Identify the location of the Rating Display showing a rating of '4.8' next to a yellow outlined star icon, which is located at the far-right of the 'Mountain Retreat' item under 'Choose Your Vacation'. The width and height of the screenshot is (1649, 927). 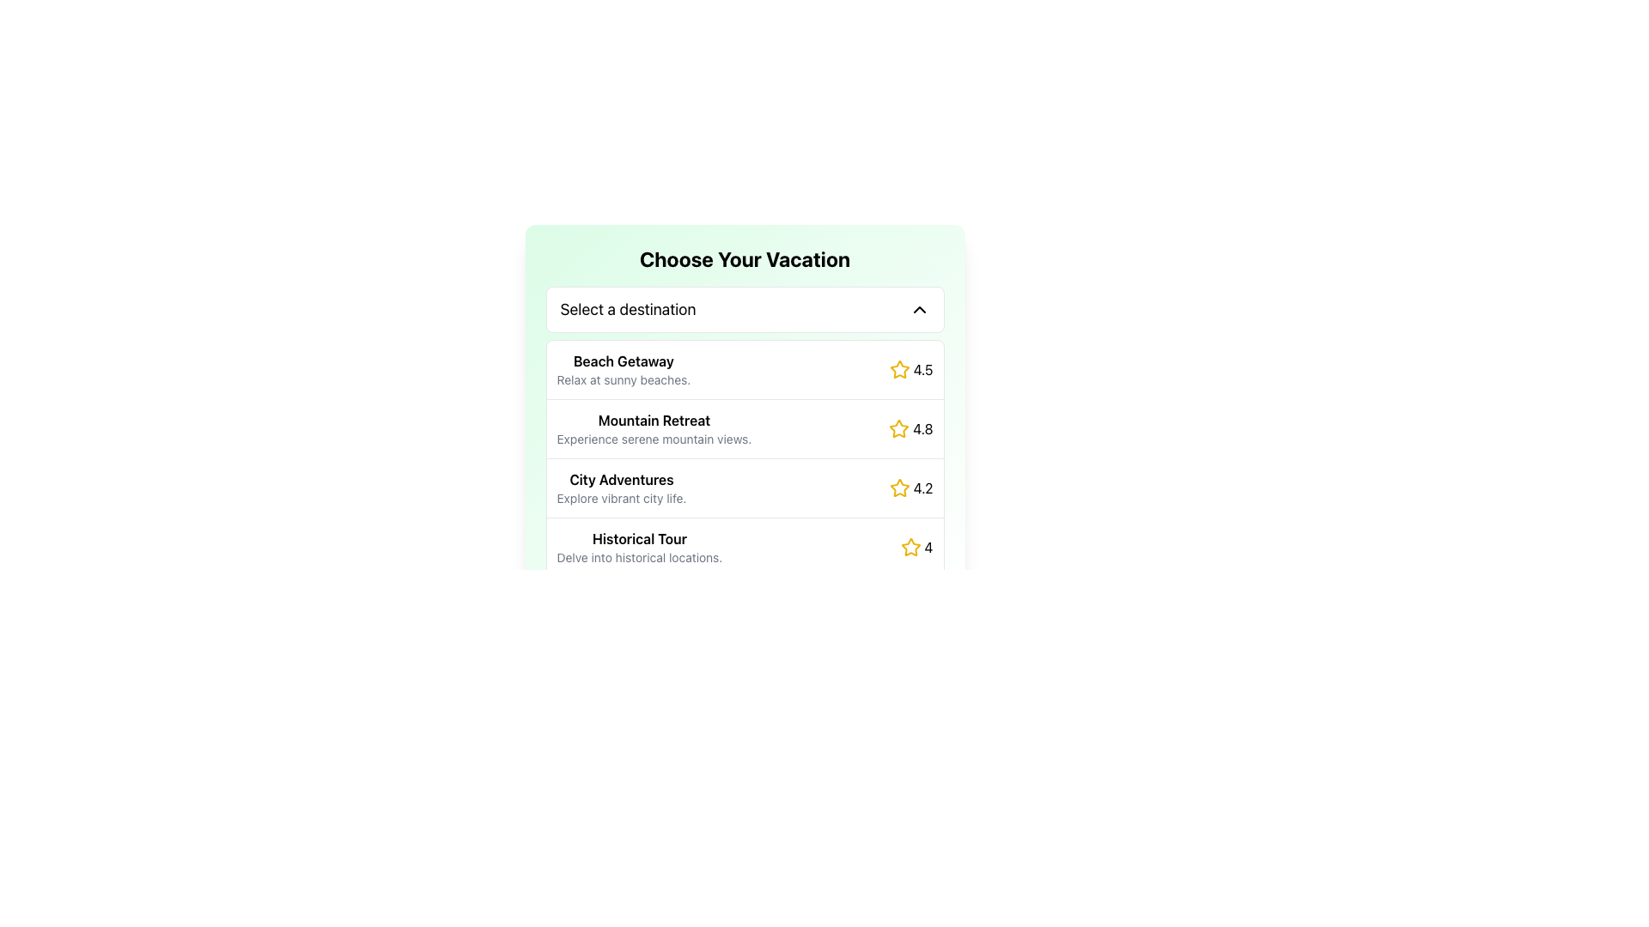
(910, 428).